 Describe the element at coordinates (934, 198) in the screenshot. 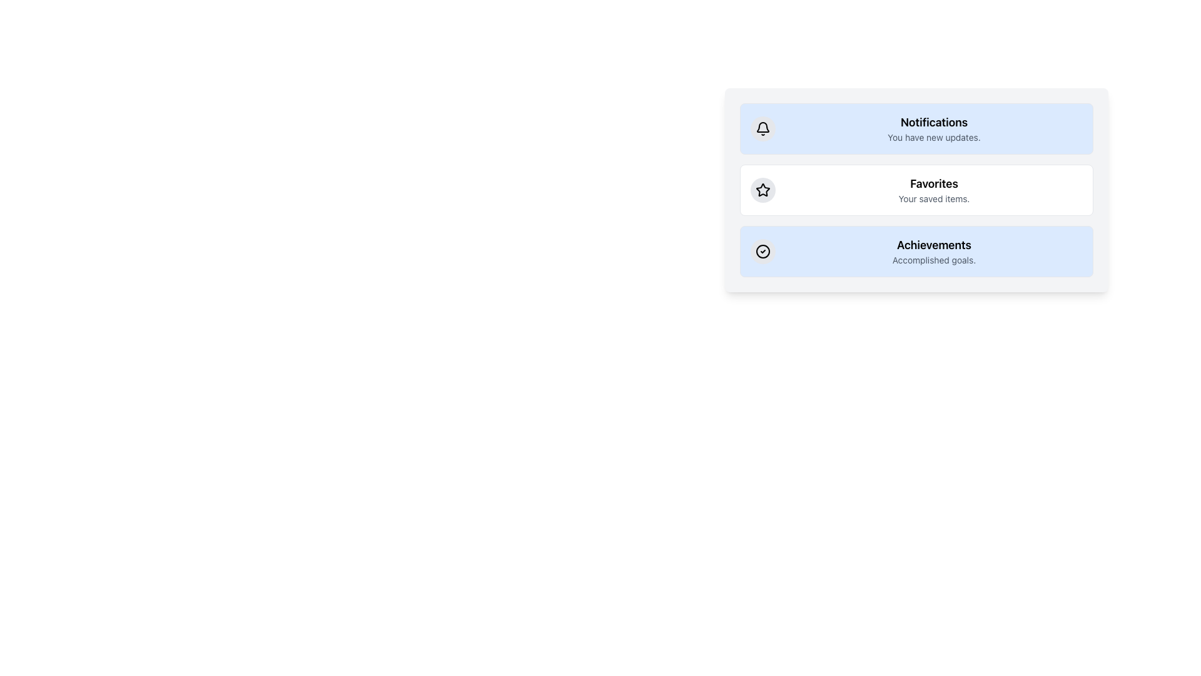

I see `the text label displaying 'Your saved items.' which is located below the 'Favorites' heading in the card section` at that location.